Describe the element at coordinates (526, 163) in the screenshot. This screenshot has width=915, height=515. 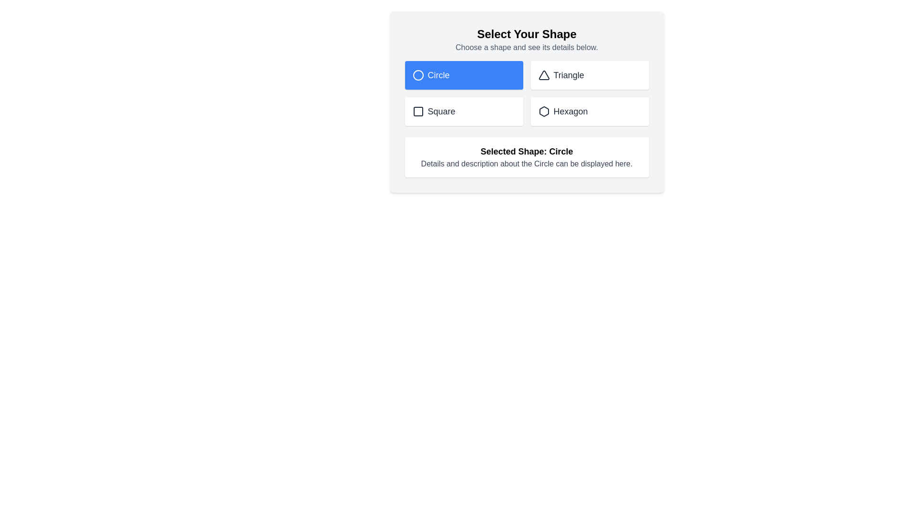
I see `text displayed in the gray styled text block that says 'Details and description about the Circle can be displayed here.' located below the title 'Selected Shape: Circle'` at that location.